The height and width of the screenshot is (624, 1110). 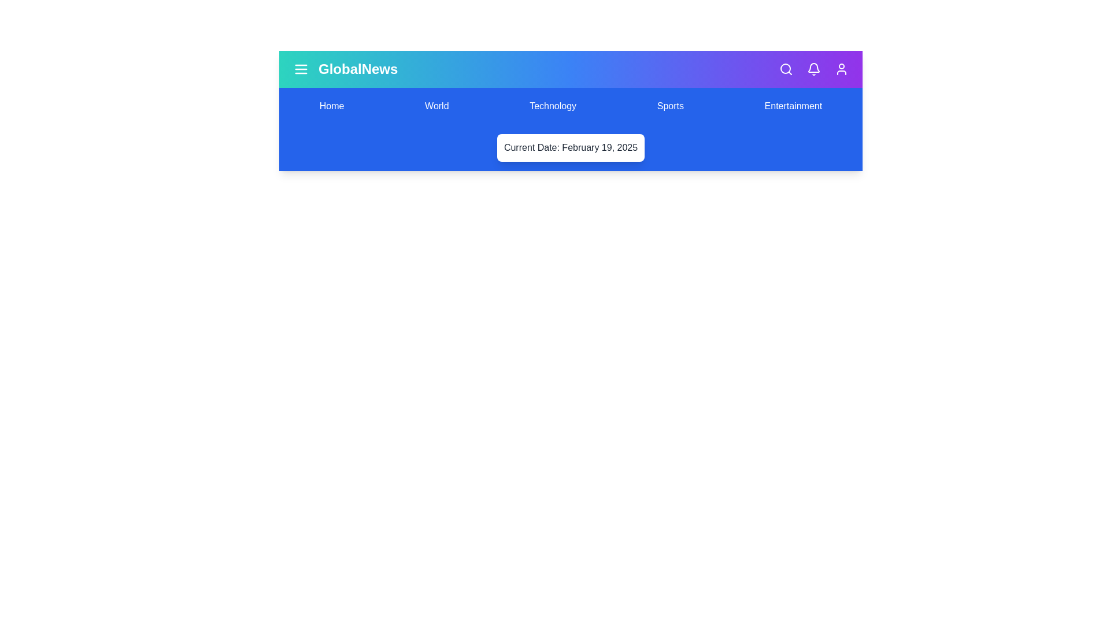 What do you see at coordinates (841, 69) in the screenshot?
I see `the user icon to access the user profile` at bounding box center [841, 69].